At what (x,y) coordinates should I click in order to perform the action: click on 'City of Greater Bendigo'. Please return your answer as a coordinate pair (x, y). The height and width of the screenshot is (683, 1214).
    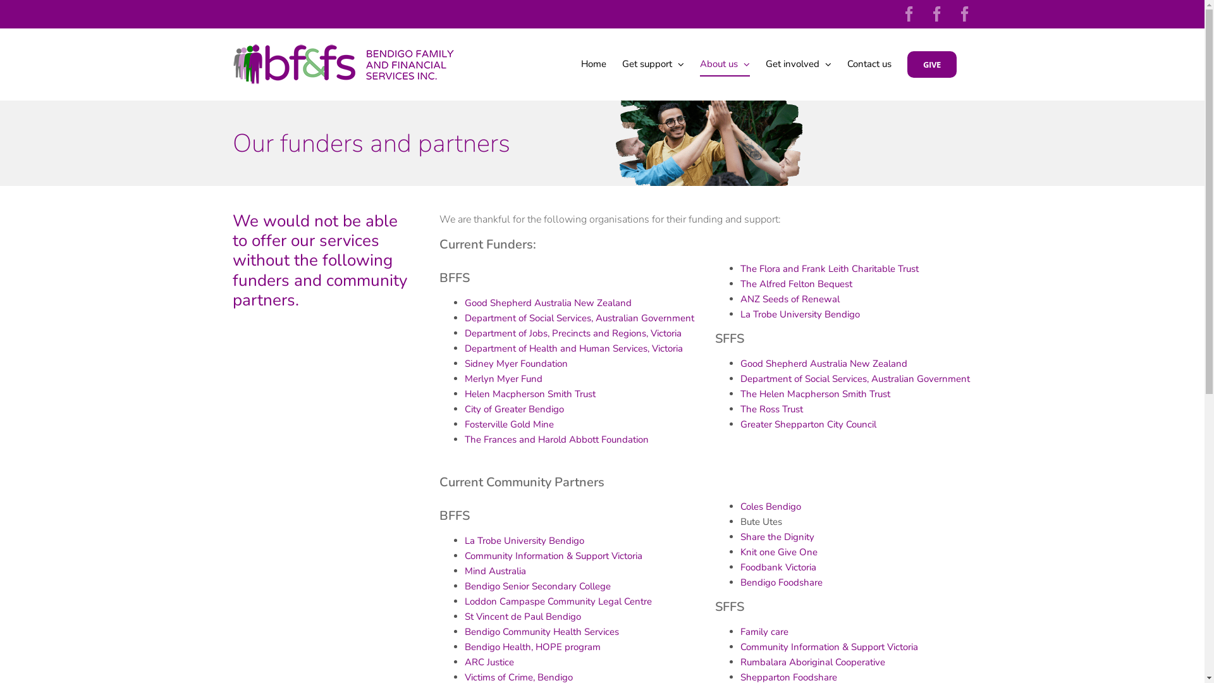
    Looking at the image, I should click on (514, 409).